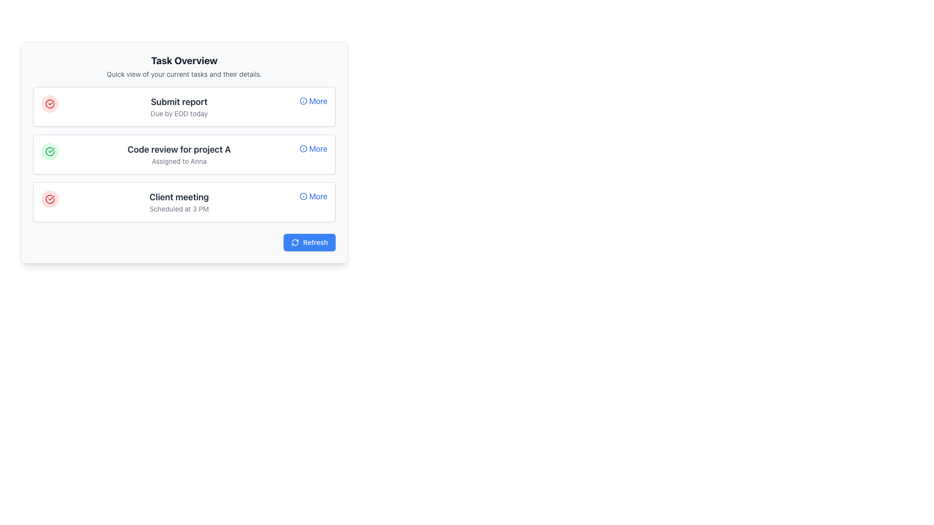 This screenshot has width=934, height=525. I want to click on the static text element displaying 'Code review for project A' which is centrally aligned in the second card-like section below the heading 'Task Overview', so click(179, 150).